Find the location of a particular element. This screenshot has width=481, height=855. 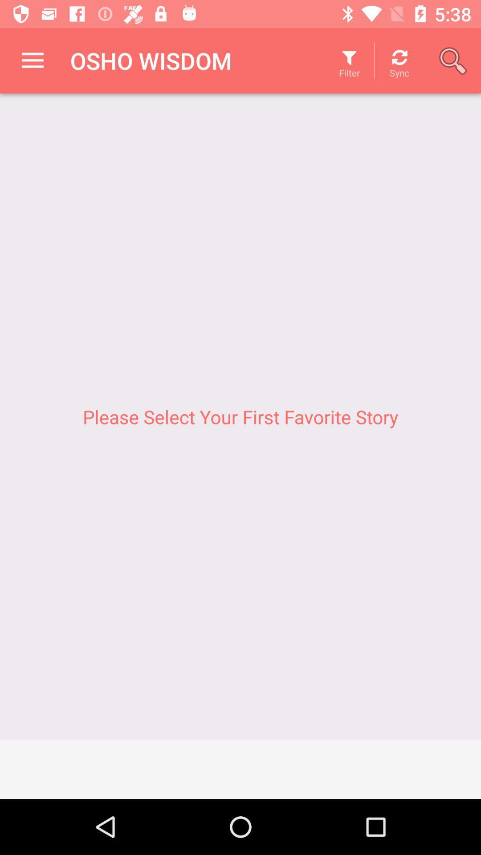

the app to the left of osho wisdom app is located at coordinates (32, 60).